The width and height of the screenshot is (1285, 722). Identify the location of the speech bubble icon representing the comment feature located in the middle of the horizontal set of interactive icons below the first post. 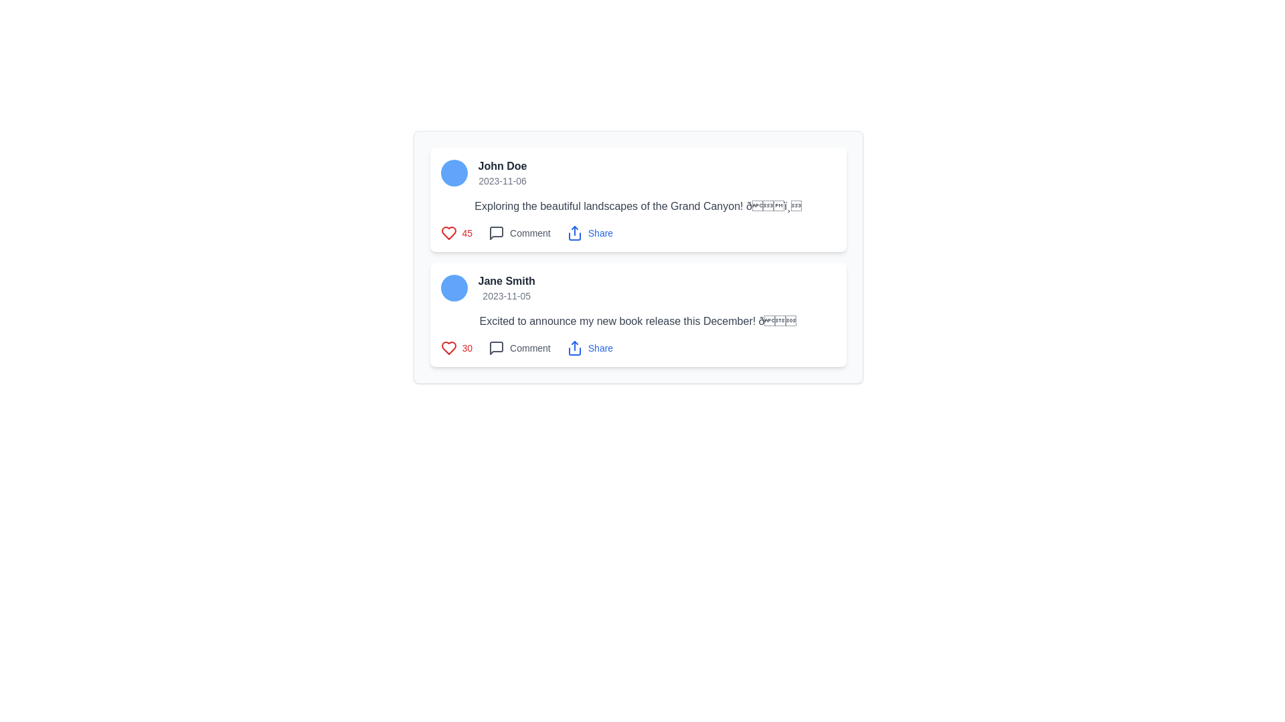
(496, 232).